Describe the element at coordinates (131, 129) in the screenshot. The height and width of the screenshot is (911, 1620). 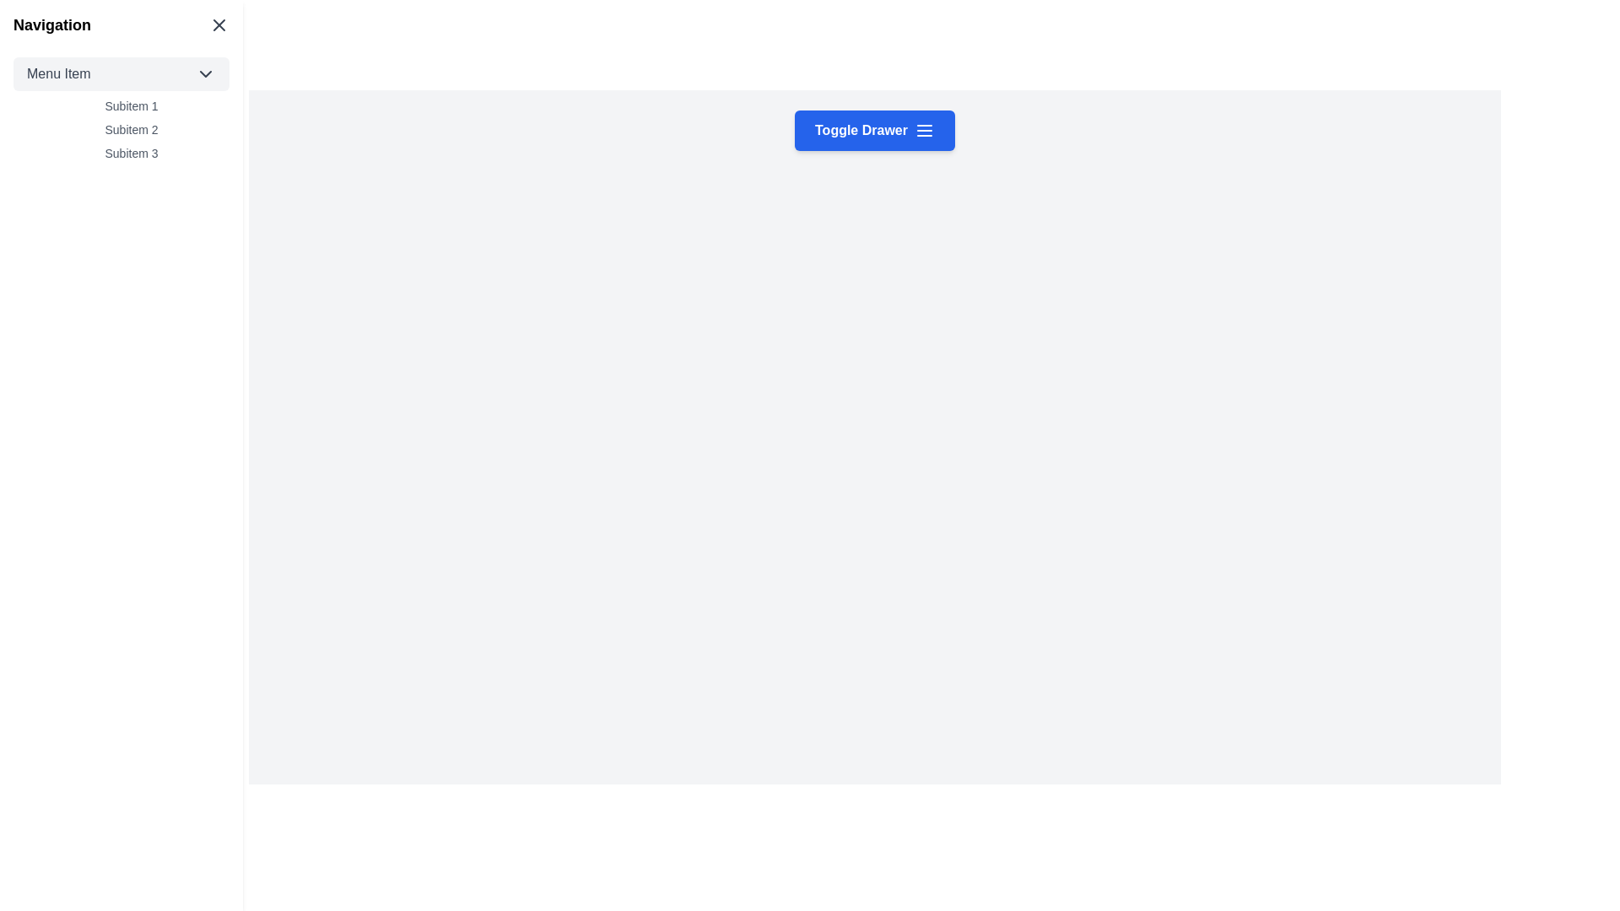
I see `the text label displaying 'Subitem 2', which is the second item in a vertical list of subitems aligned to the left in the navigation panel` at that location.